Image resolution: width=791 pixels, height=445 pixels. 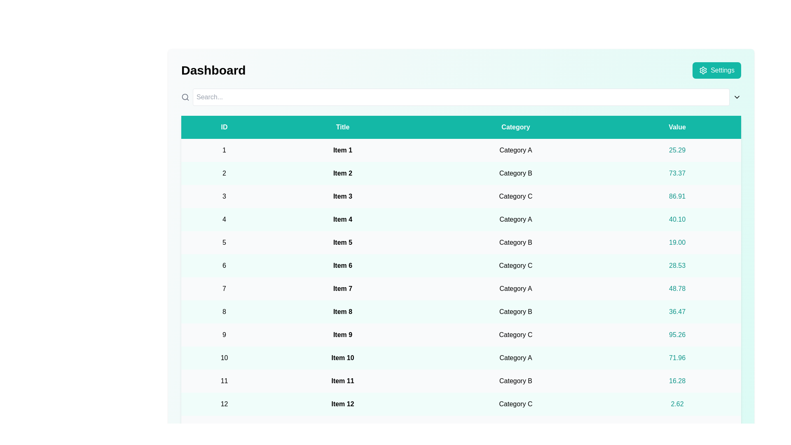 What do you see at coordinates (224, 127) in the screenshot?
I see `the ID header to sort the table data` at bounding box center [224, 127].